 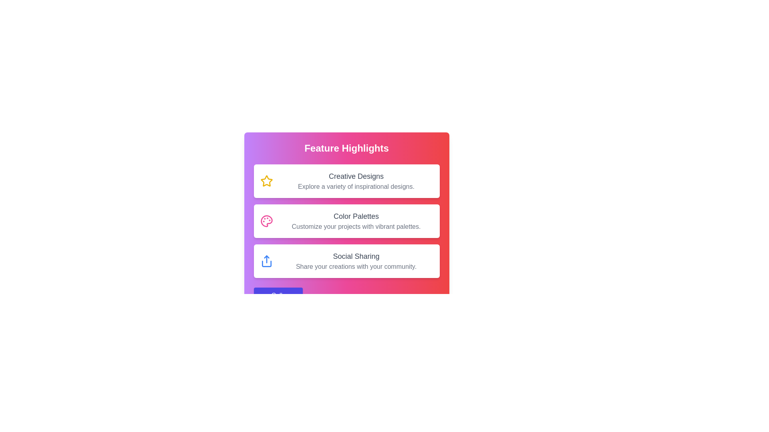 I want to click on the List of informational cards, which is a vertically aligned list with three sections featuring icons, titles, and descriptions, located beneath the 'Feature Highlights' header, so click(x=346, y=221).